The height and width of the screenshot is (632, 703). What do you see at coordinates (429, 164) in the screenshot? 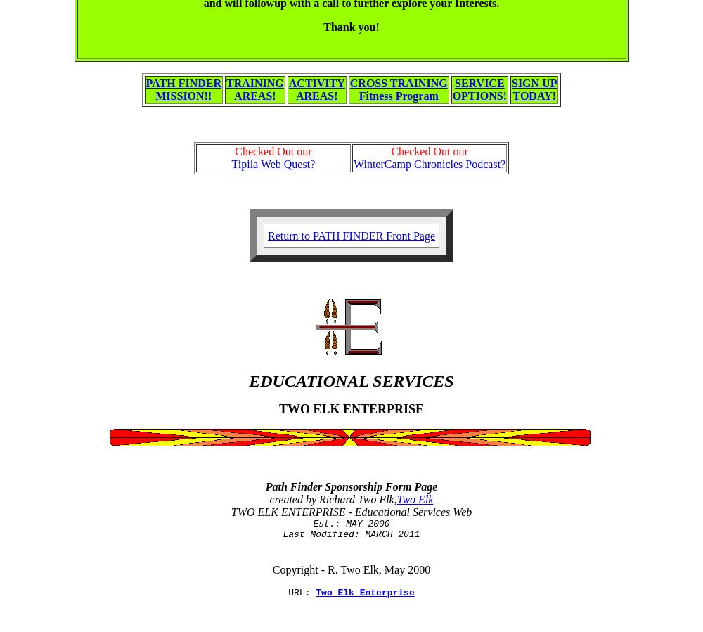
I see `'WinterCamp Chronicles Podcast?'` at bounding box center [429, 164].